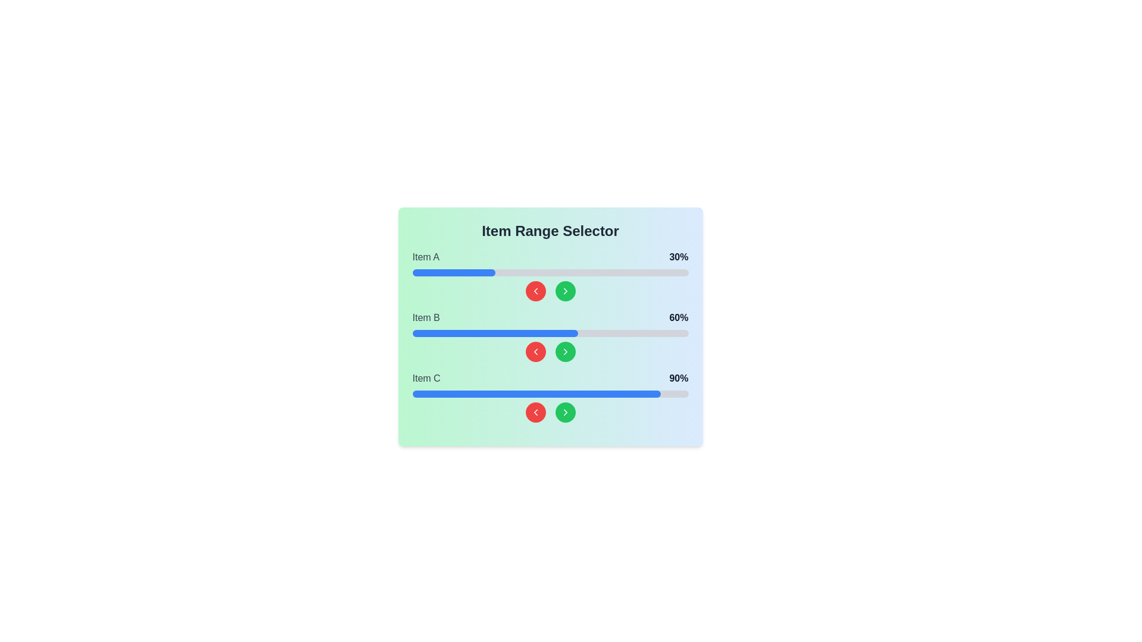  Describe the element at coordinates (550, 336) in the screenshot. I see `the progress bar labeled 'Item B' that indicates 60% completion, which is the second of three vertically stacked progress bars` at that location.